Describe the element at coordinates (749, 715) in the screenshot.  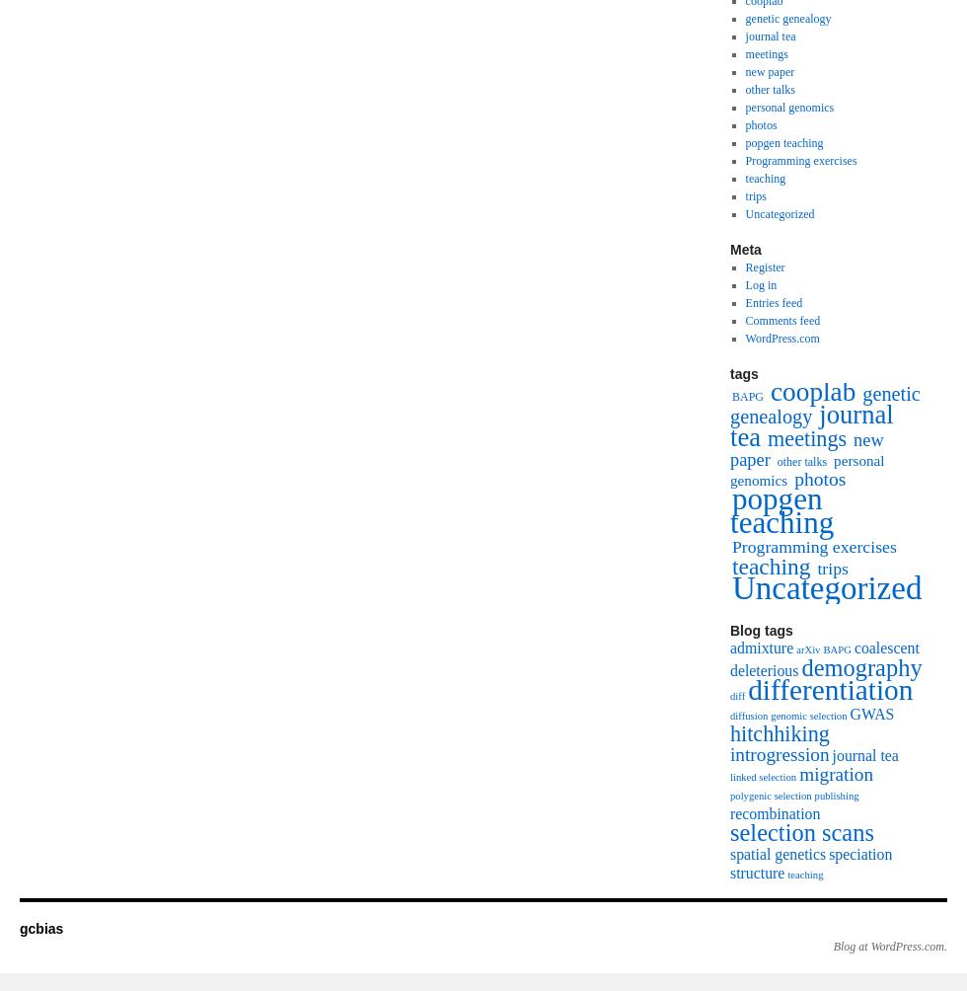
I see `'diffusion'` at that location.